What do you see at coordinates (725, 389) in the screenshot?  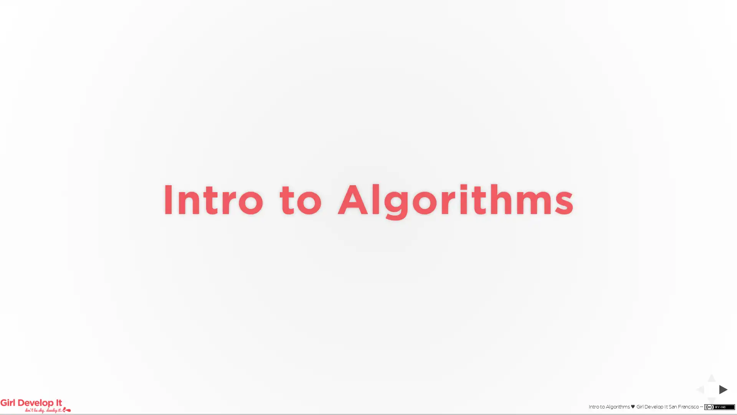 I see `next slide` at bounding box center [725, 389].